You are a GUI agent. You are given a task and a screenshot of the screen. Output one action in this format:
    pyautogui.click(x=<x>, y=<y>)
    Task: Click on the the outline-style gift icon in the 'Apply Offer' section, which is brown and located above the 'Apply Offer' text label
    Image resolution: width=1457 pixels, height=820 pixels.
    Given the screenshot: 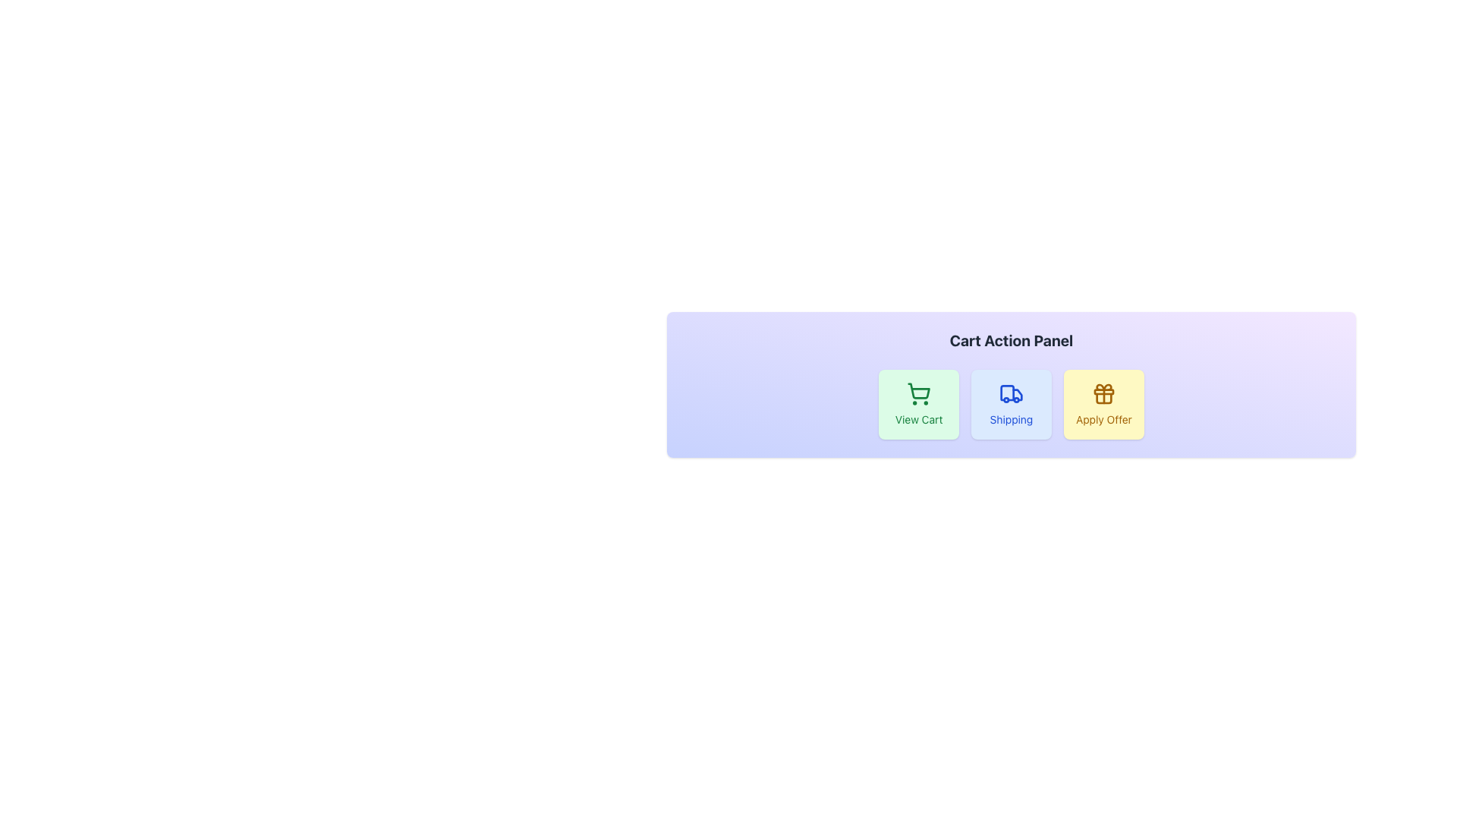 What is the action you would take?
    pyautogui.click(x=1103, y=393)
    